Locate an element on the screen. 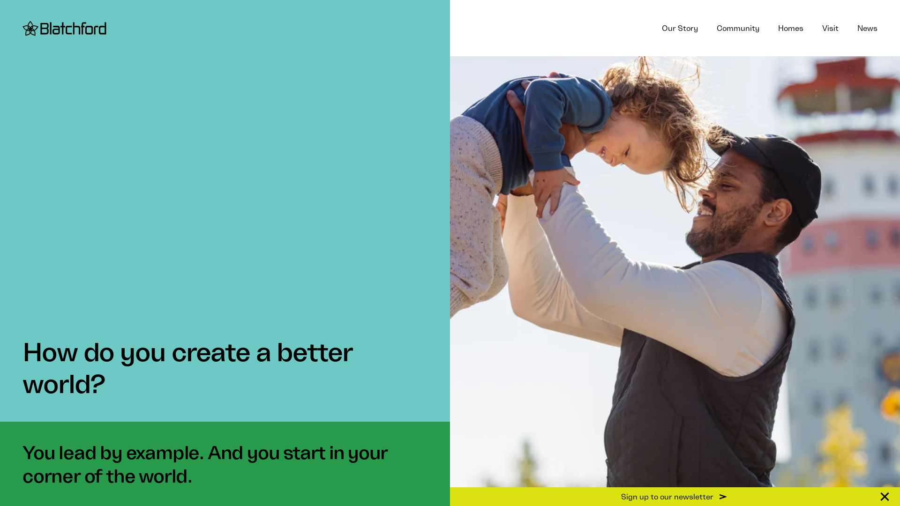 The image size is (900, 506). 'Homes' is located at coordinates (769, 28).